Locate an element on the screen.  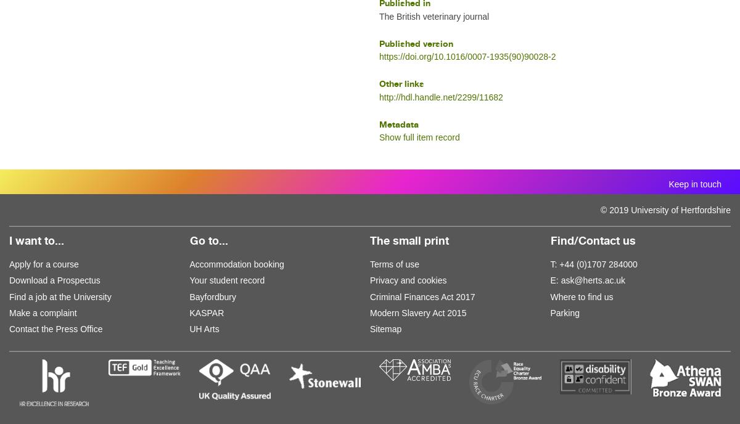
'Download a Prospectus' is located at coordinates (54, 279).